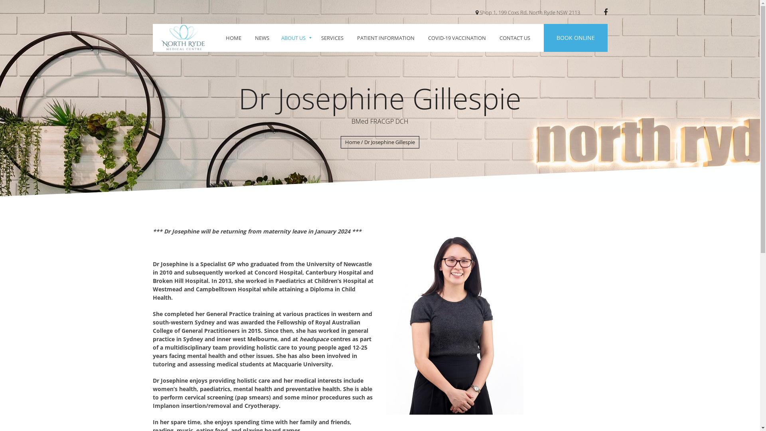 The image size is (766, 431). Describe the element at coordinates (530, 12) in the screenshot. I see `'Shop 1, 199 Coxs Rd, North Ryde NSW 2113   '` at that location.